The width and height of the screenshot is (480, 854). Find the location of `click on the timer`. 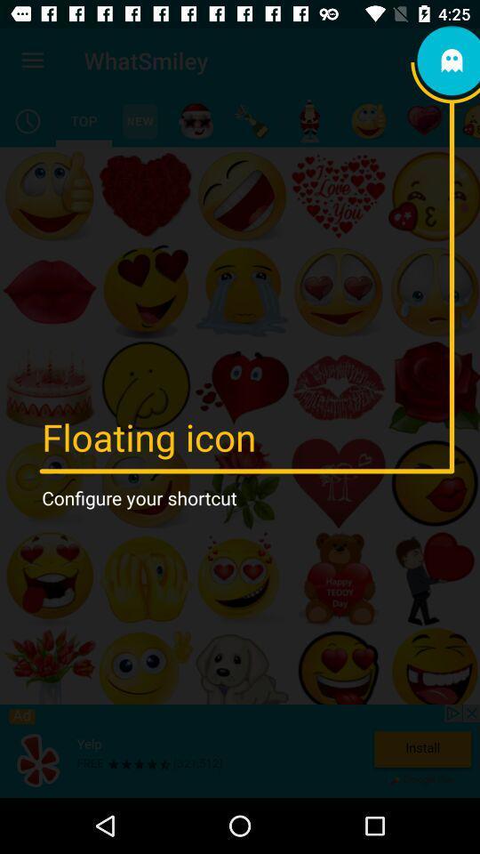

click on the timer is located at coordinates (27, 120).